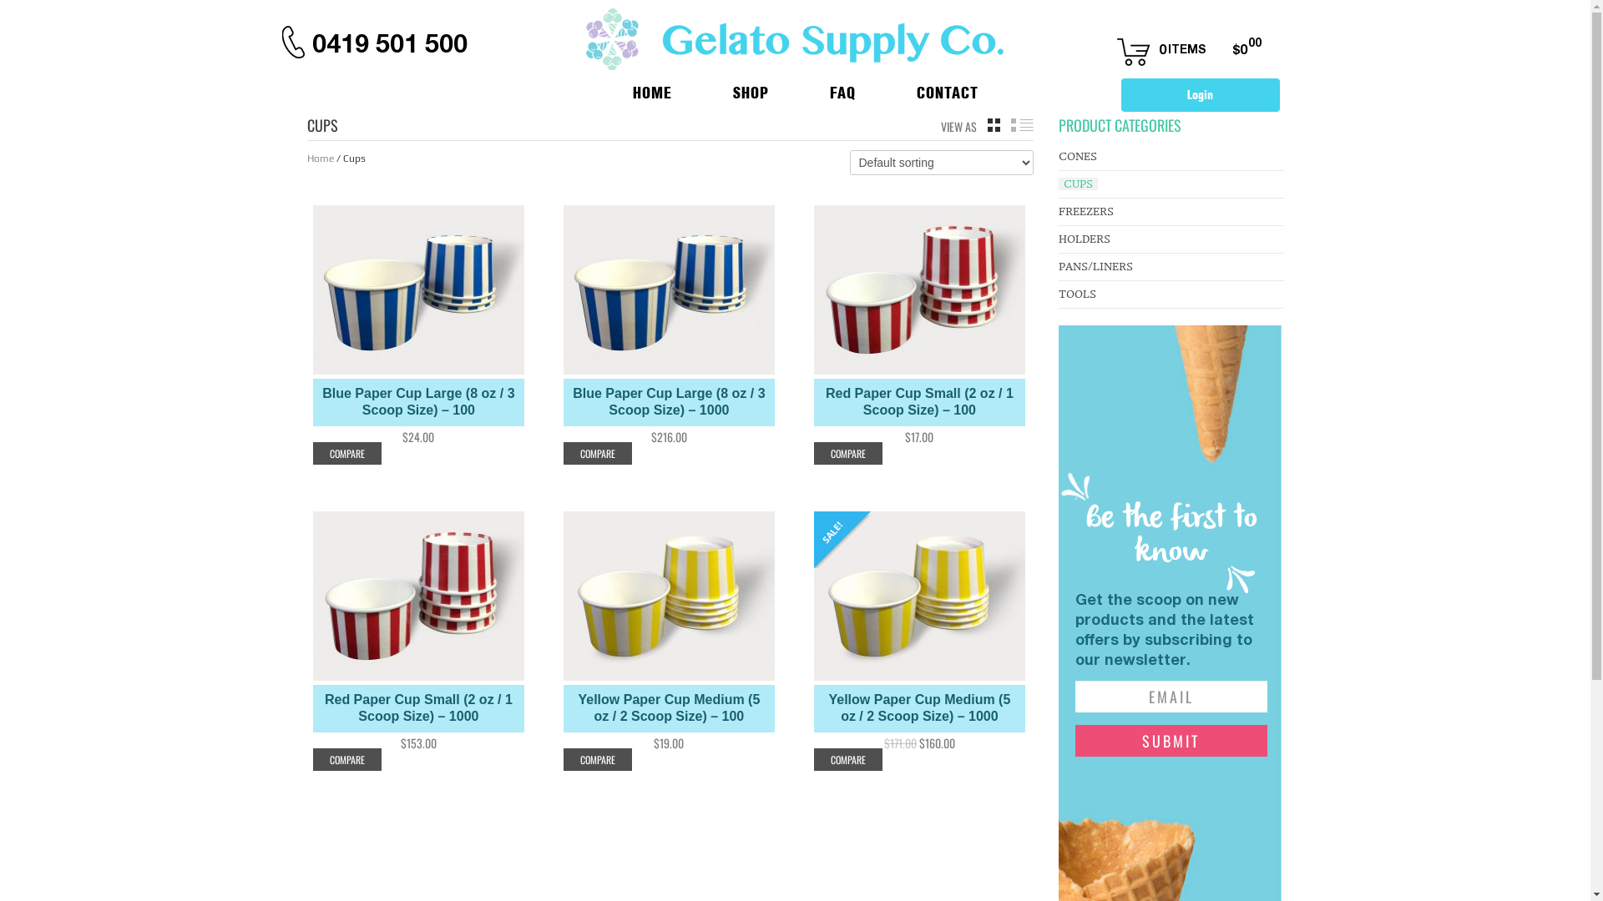  What do you see at coordinates (734, 91) in the screenshot?
I see `'SHOP'` at bounding box center [734, 91].